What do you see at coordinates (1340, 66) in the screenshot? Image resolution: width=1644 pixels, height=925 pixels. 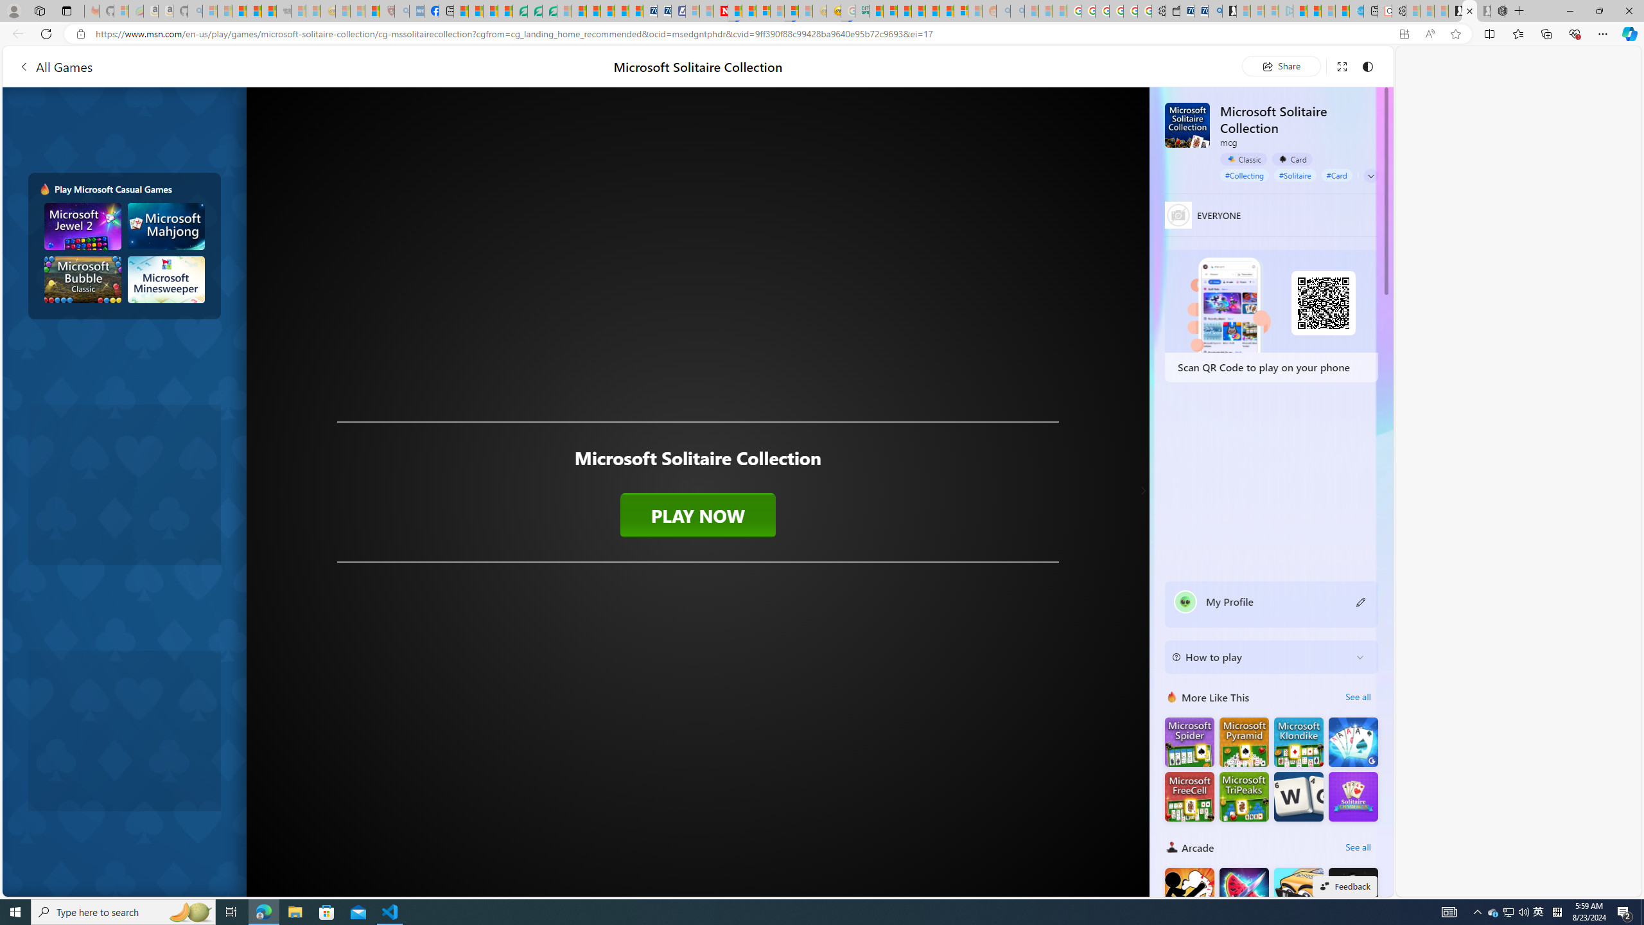 I see `'Full screen'` at bounding box center [1340, 66].